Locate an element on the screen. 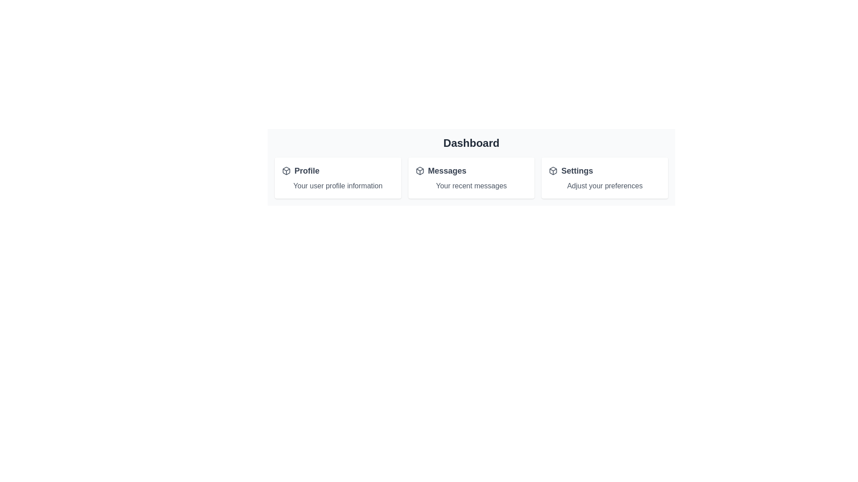 The image size is (858, 482). the small gray icon symbolizing a box with a geometric design, located to the left of the text 'Settings' in the third card under the 'Dashboard' header is located at coordinates (553, 170).